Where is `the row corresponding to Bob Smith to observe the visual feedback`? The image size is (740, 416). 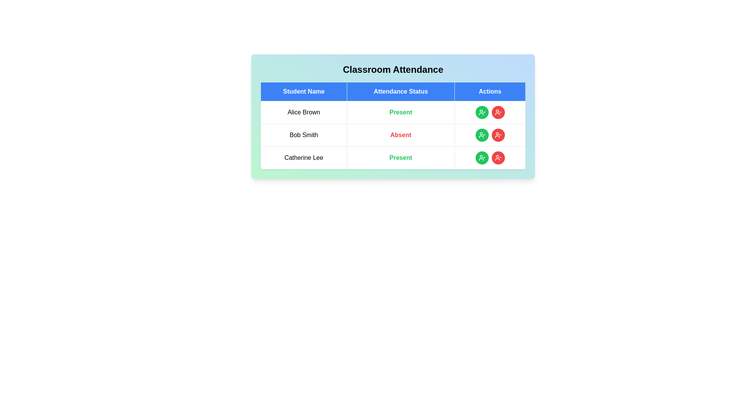
the row corresponding to Bob Smith to observe the visual feedback is located at coordinates (393, 135).